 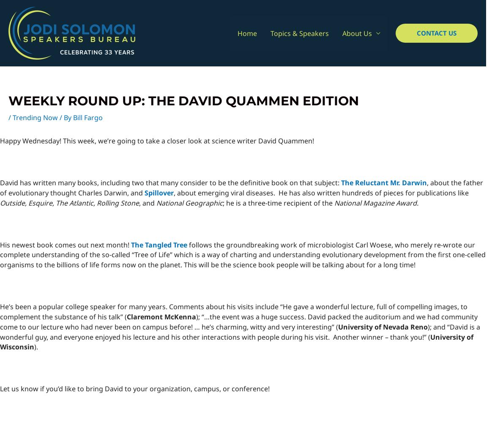 I want to click on '); and “David is a wonderful guy, and everyone enjoyed his lecture and his other interactions with people during his visit.  Another winner – thank you!” (', so click(x=240, y=332).